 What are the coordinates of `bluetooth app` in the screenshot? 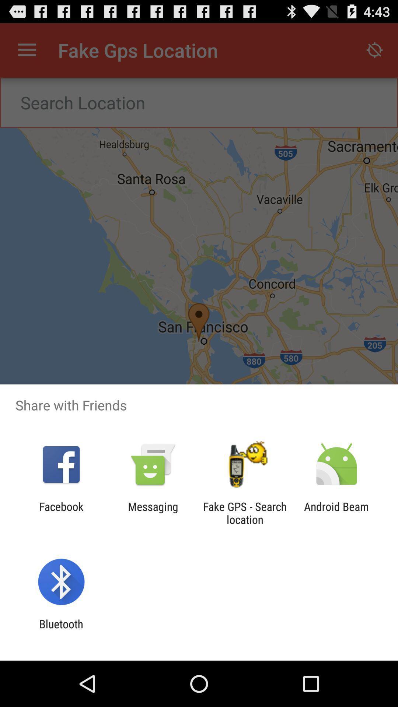 It's located at (61, 630).